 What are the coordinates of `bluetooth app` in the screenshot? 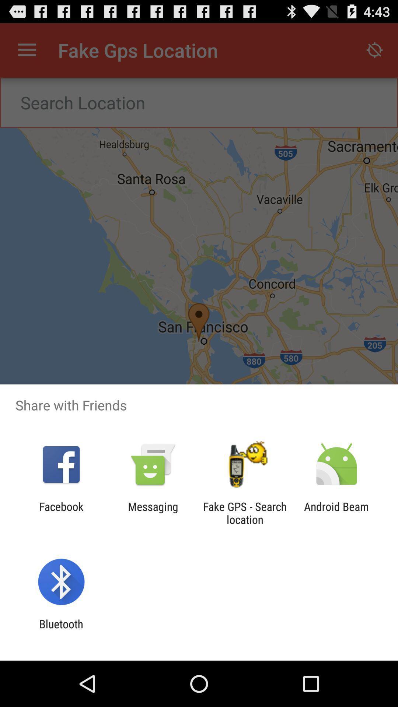 It's located at (61, 630).